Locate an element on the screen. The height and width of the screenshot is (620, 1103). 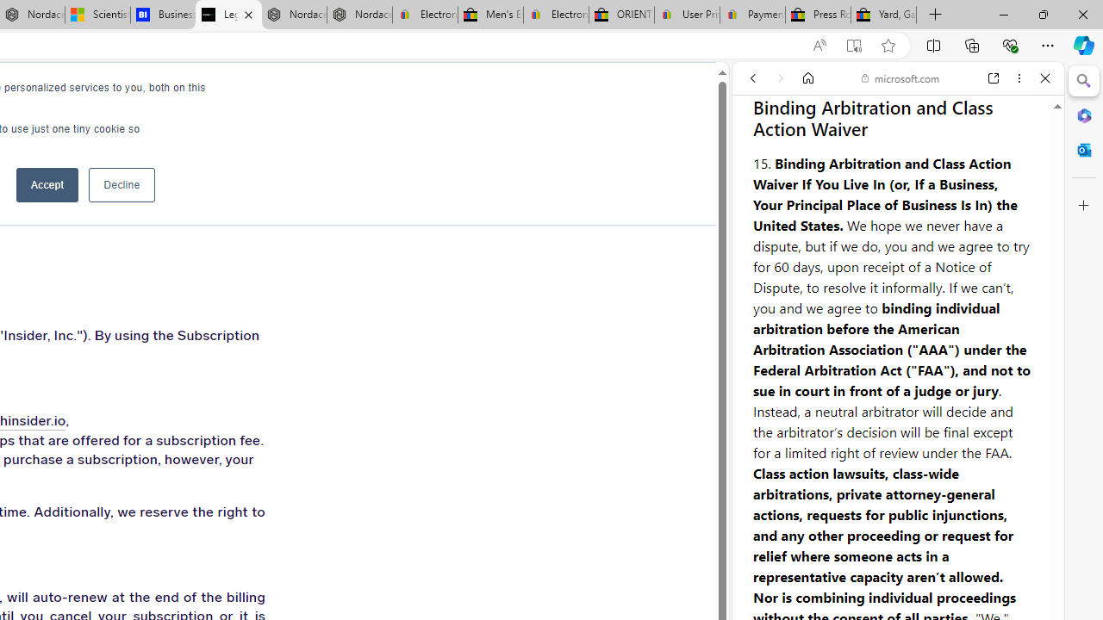
'microsoft.com' is located at coordinates (900, 78).